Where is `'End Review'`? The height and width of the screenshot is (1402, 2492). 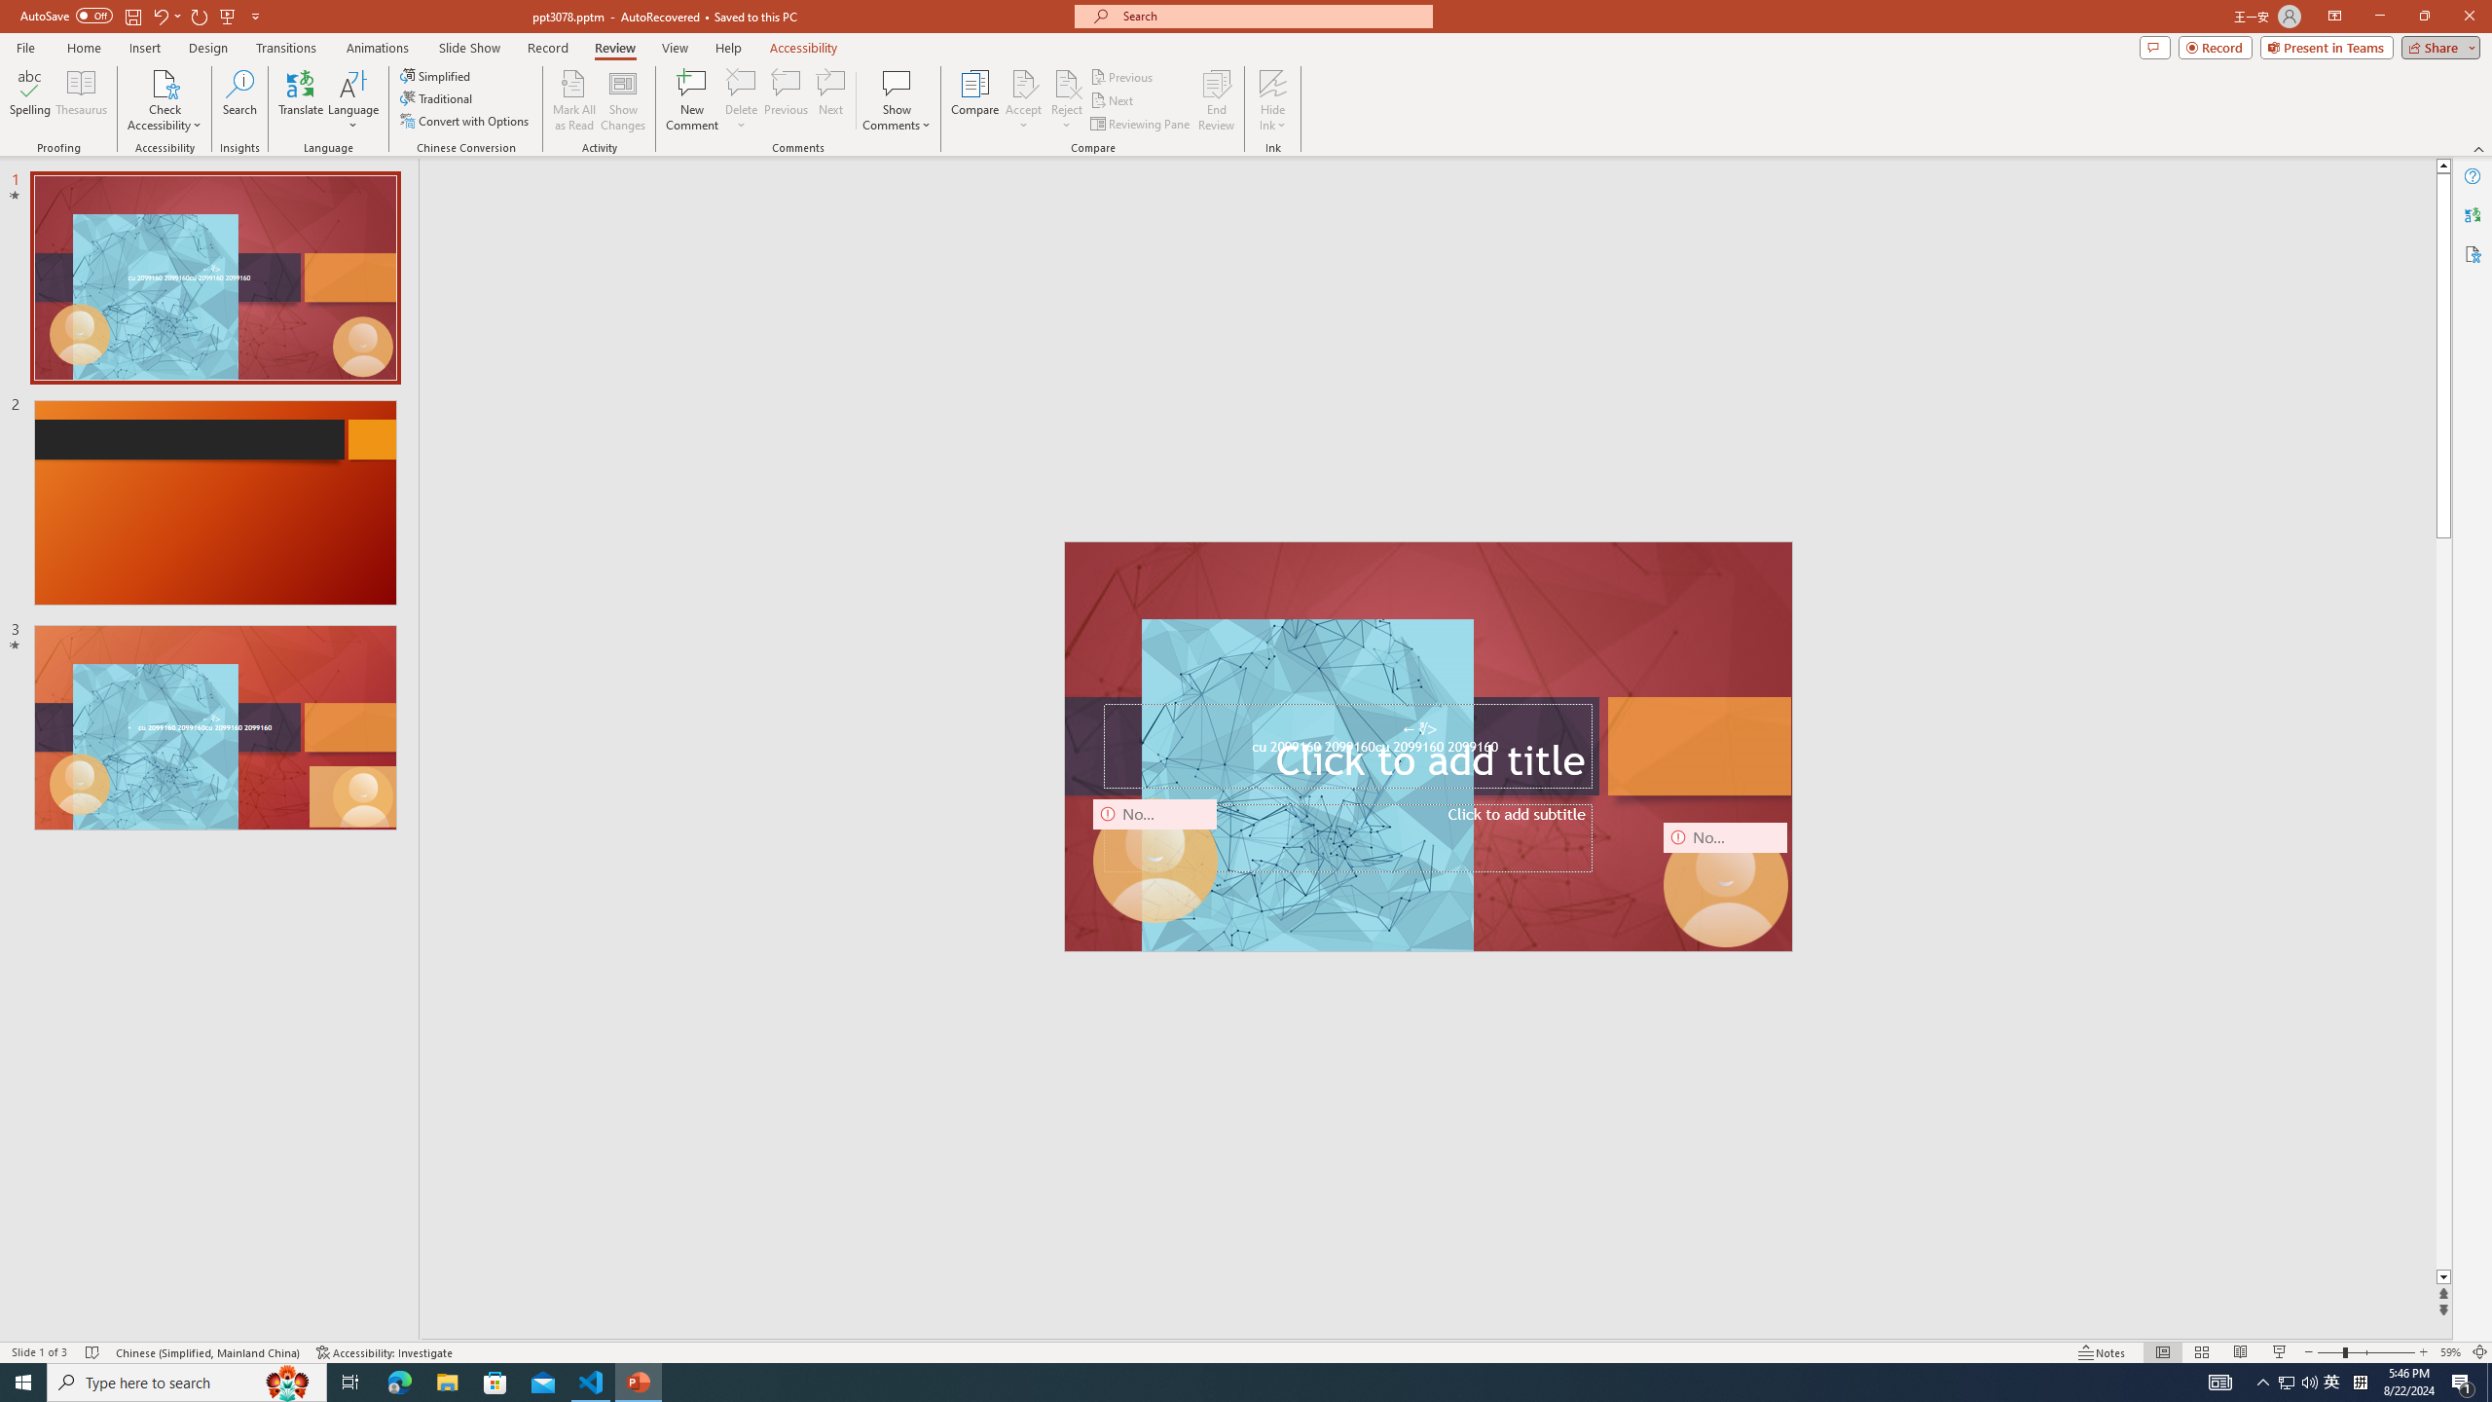 'End Review' is located at coordinates (1215, 100).